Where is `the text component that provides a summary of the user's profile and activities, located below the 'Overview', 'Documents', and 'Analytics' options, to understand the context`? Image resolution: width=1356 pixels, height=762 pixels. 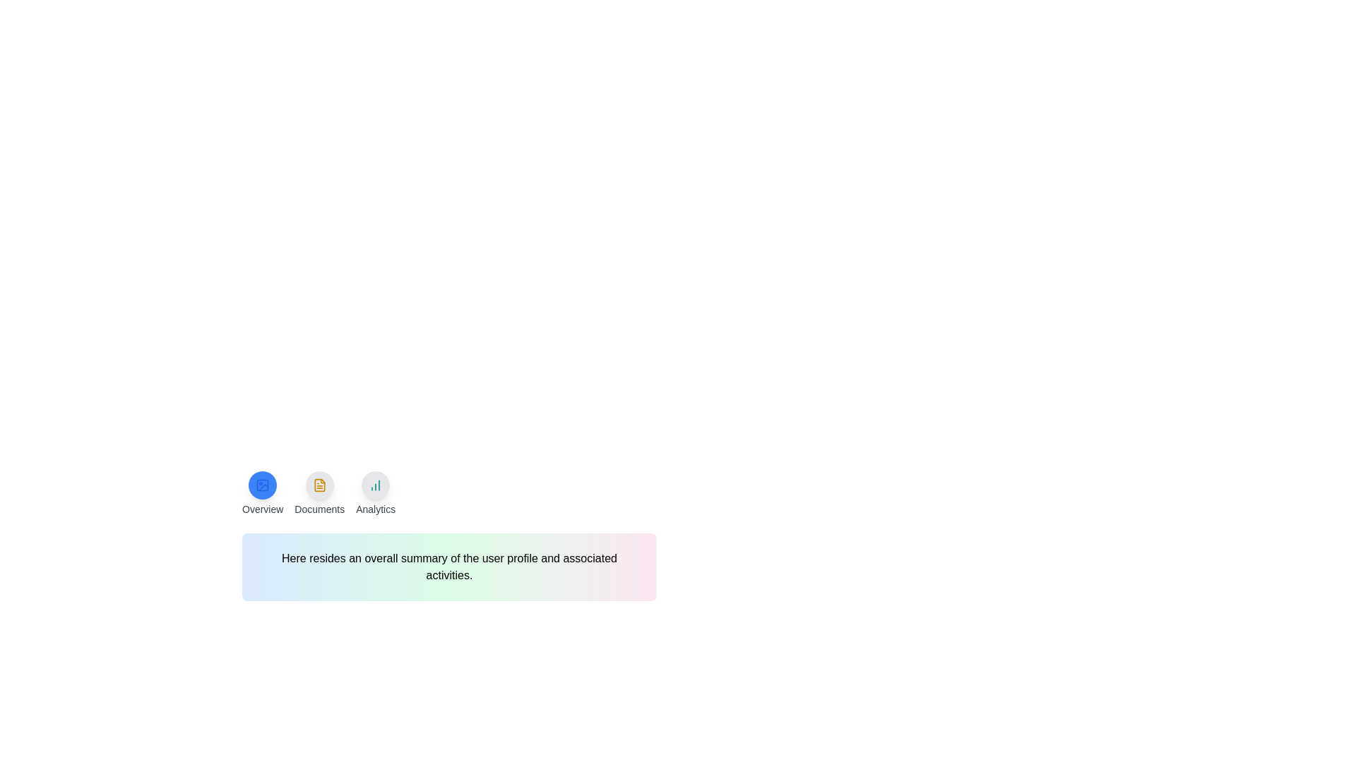
the text component that provides a summary of the user's profile and activities, located below the 'Overview', 'Documents', and 'Analytics' options, to understand the context is located at coordinates (448, 566).